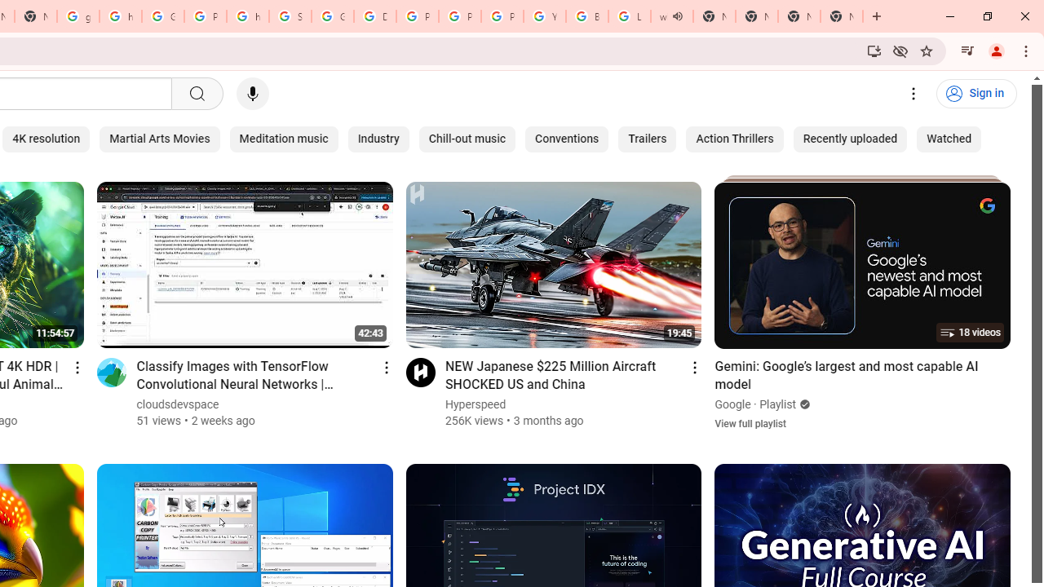 This screenshot has width=1044, height=587. What do you see at coordinates (178, 404) in the screenshot?
I see `'cloudsdevspace'` at bounding box center [178, 404].